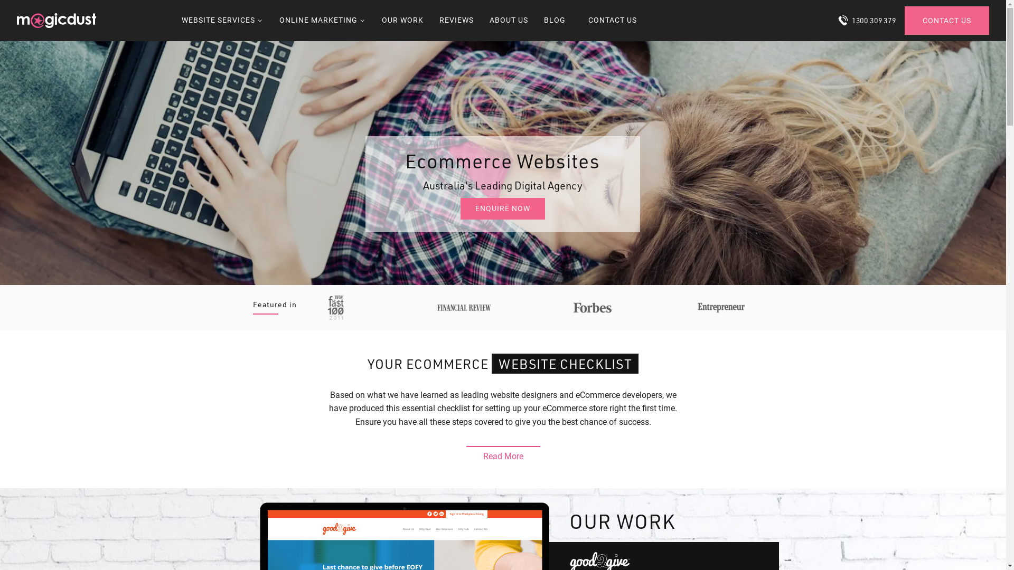 The height and width of the screenshot is (570, 1014). I want to click on 'ENQUIRE NOW', so click(461, 208).